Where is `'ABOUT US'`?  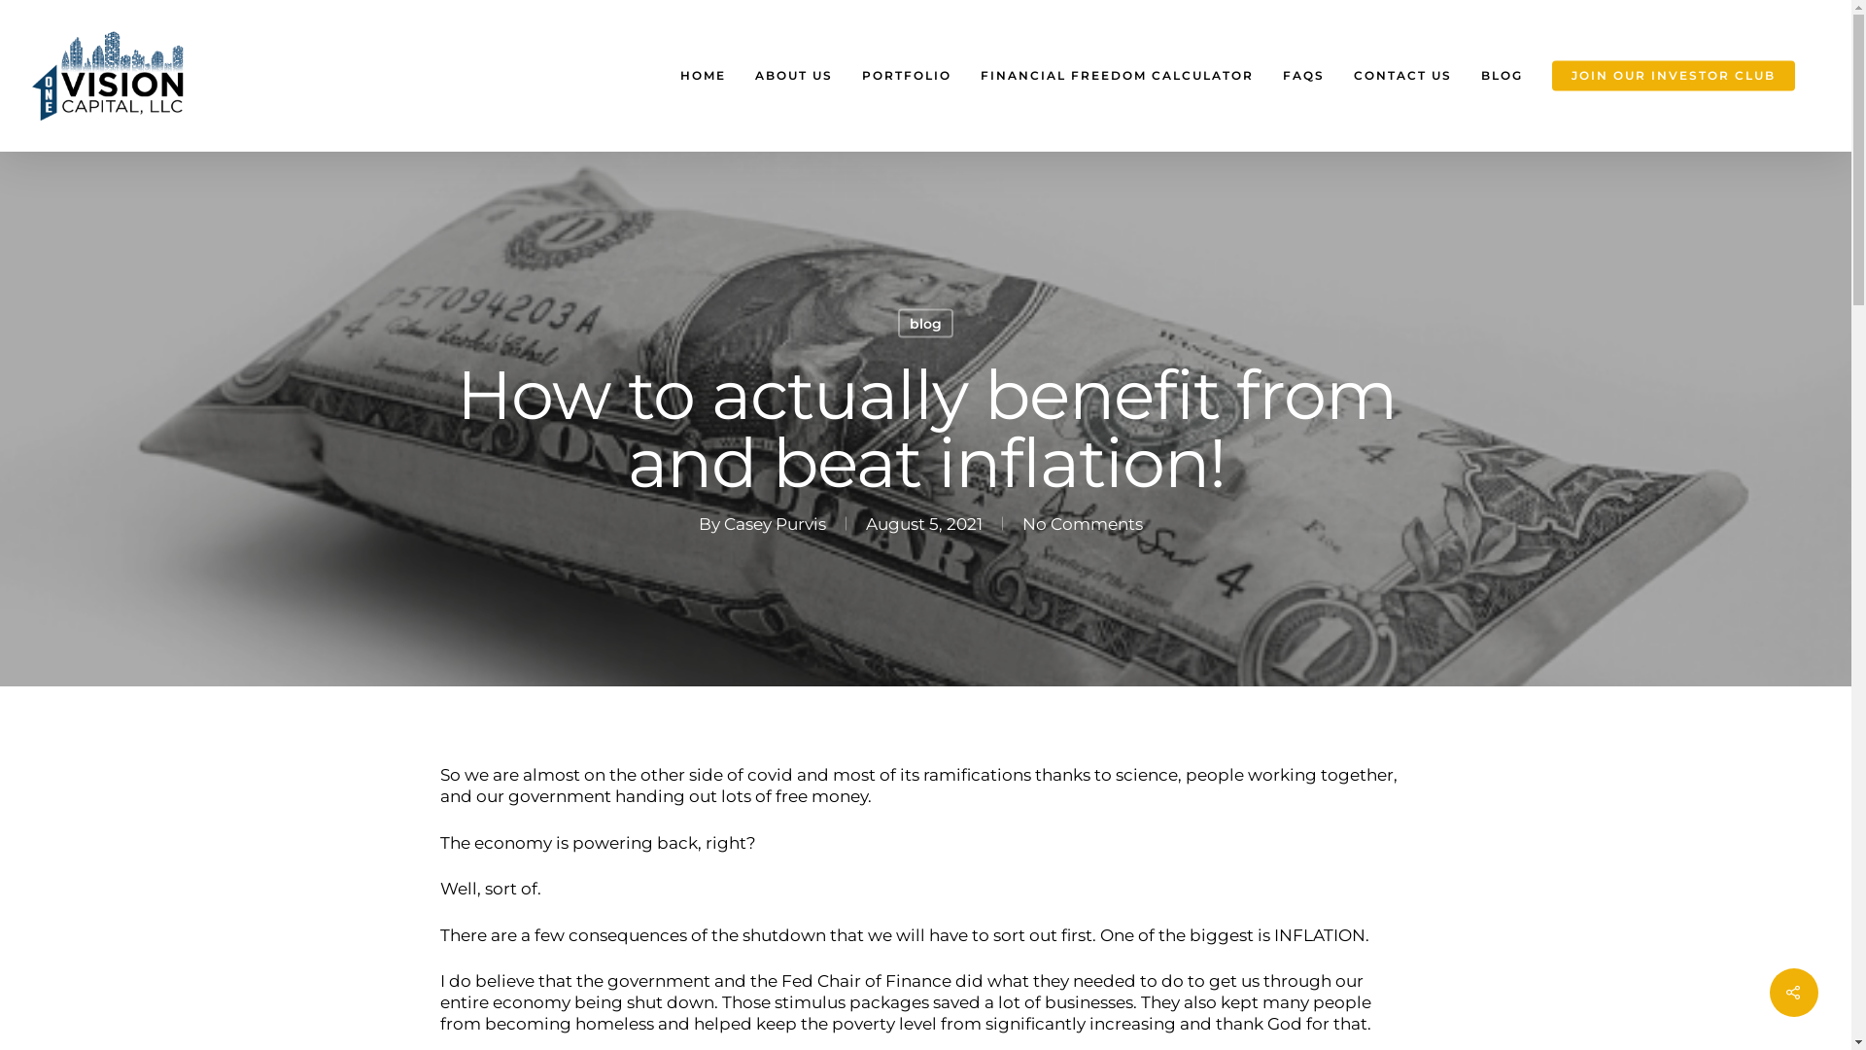 'ABOUT US' is located at coordinates (740, 74).